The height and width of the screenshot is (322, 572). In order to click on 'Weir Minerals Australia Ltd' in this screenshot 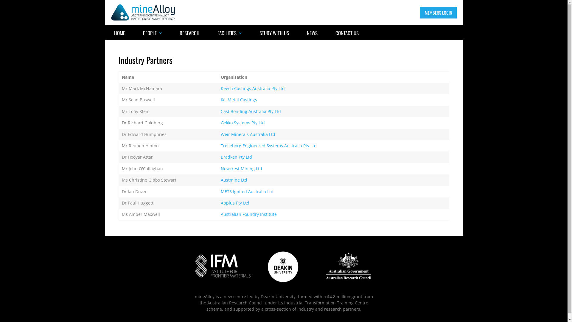, I will do `click(220, 134)`.